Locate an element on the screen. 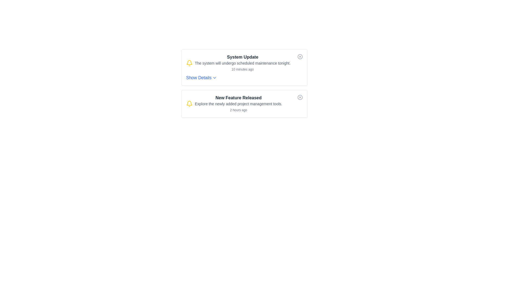 This screenshot has width=521, height=293. the circular close button with a gray outline and a cross, located at the top-right corner of the notification card titled 'New Feature Released' is located at coordinates (300, 97).